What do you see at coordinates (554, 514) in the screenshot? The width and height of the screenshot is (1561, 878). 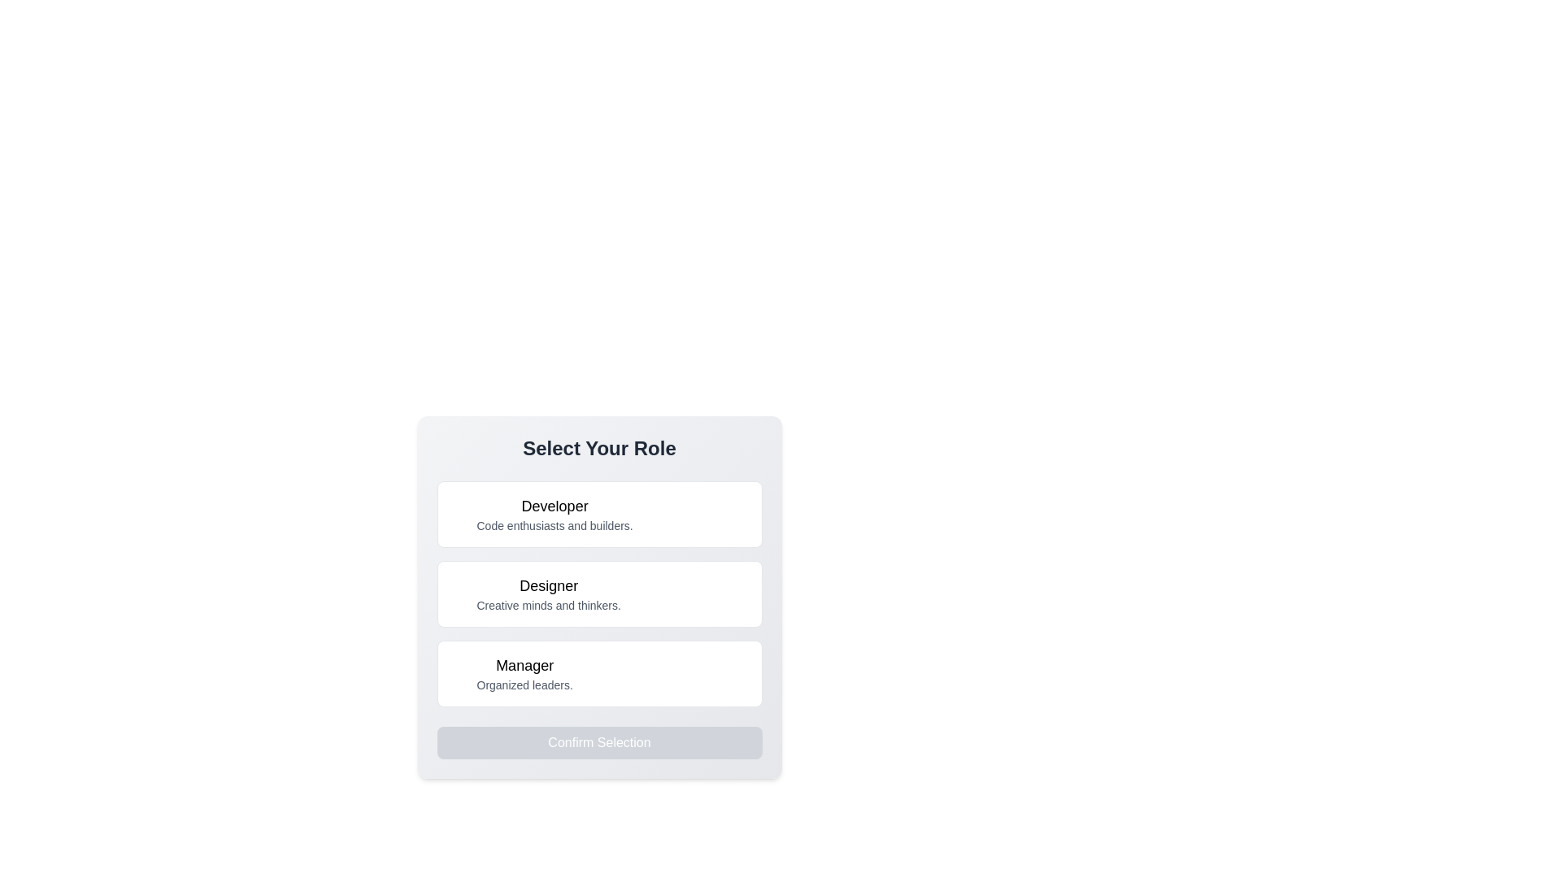 I see `the topmost selectable option for the role 'Developer' in the vertically stacked list to make a selection` at bounding box center [554, 514].